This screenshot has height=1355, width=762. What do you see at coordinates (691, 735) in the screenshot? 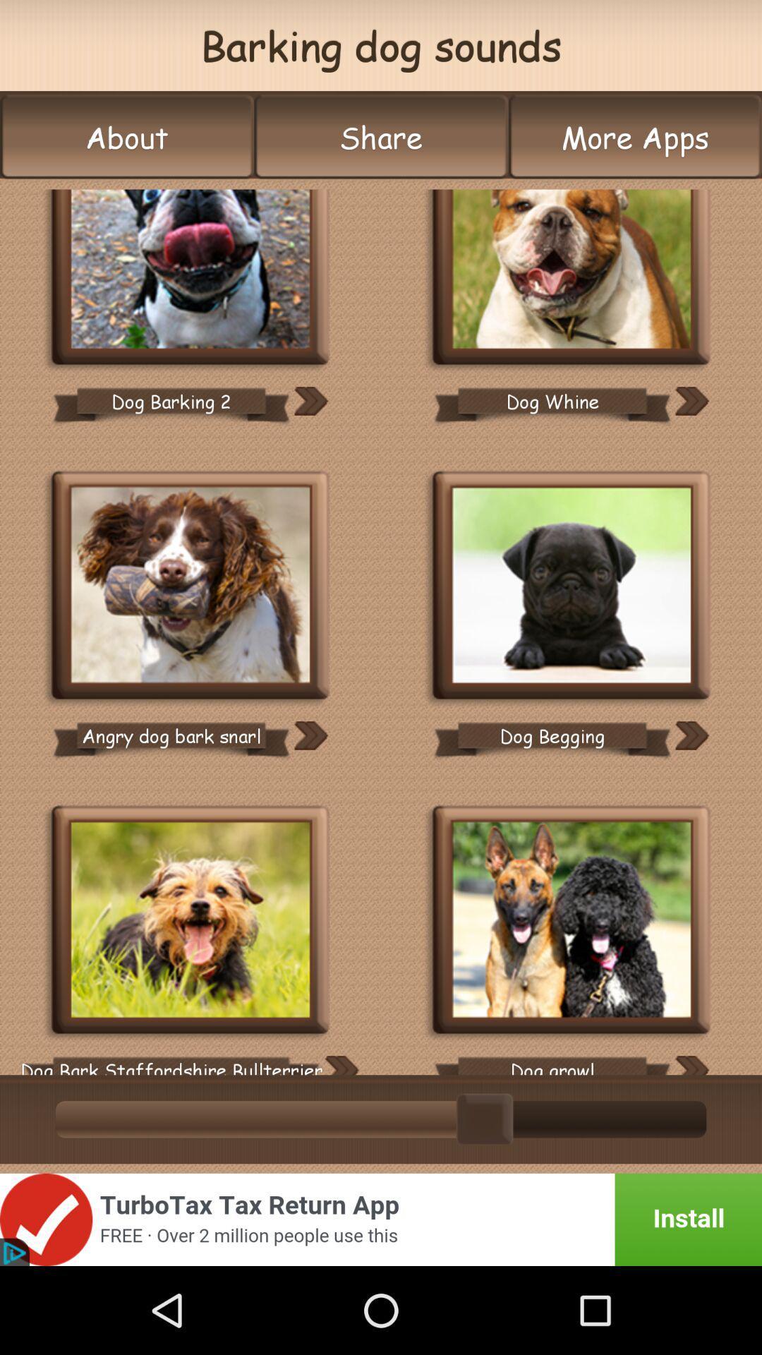
I see `move option` at bounding box center [691, 735].